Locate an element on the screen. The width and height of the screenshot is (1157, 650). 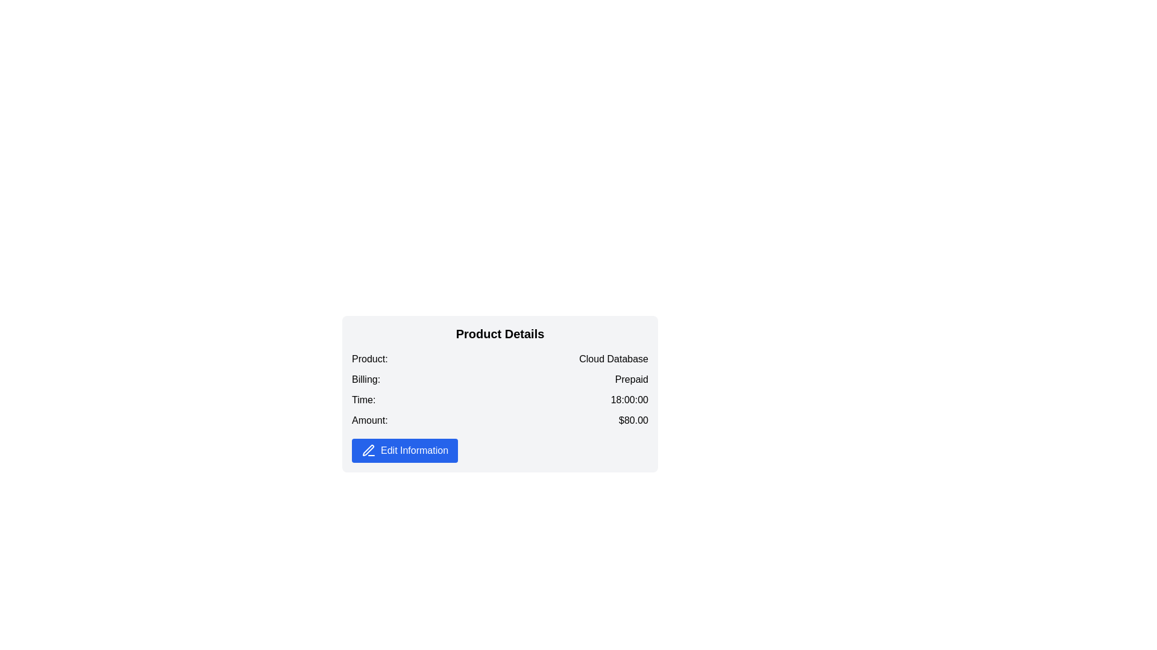
the editing icon located to the left of the 'Edit Information' button within the 'Product Details' panel is located at coordinates (368, 450).